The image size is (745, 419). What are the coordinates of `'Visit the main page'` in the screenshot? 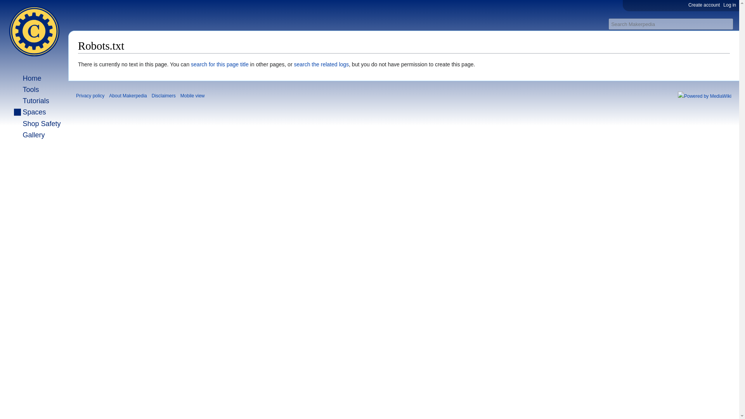 It's located at (33, 31).